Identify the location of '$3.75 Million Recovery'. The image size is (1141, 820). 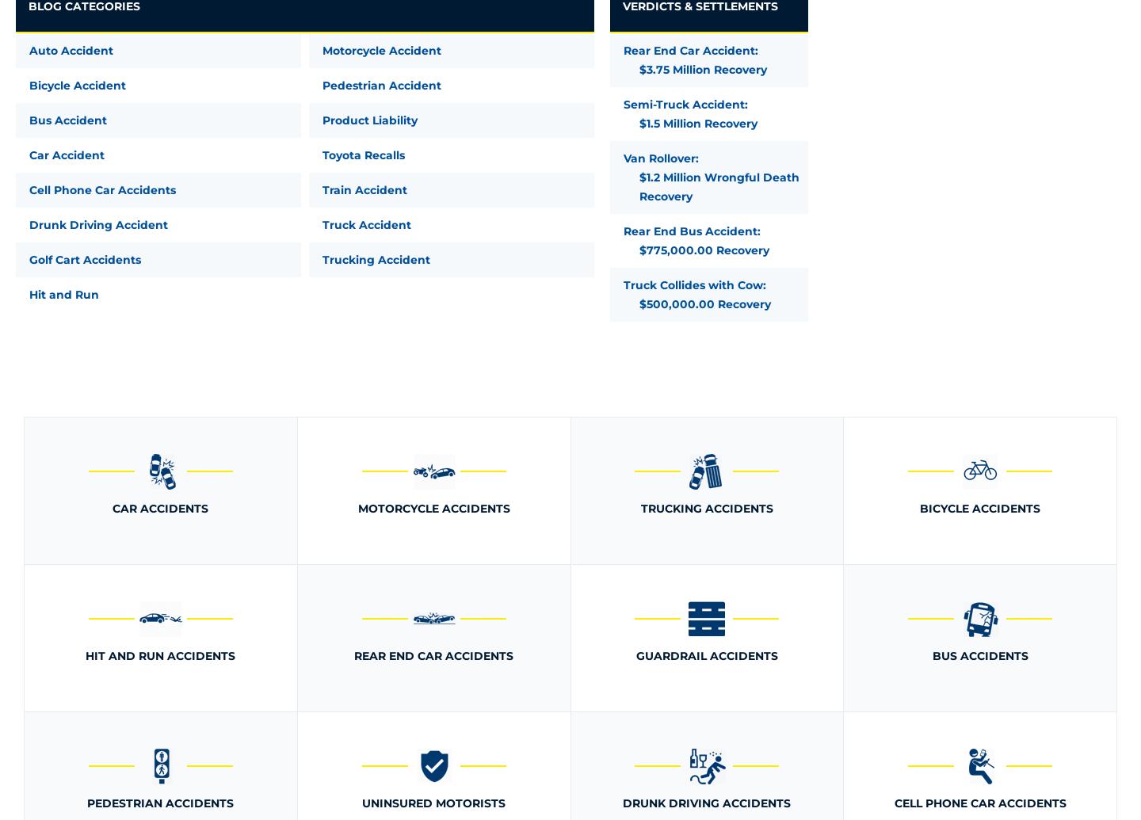
(639, 69).